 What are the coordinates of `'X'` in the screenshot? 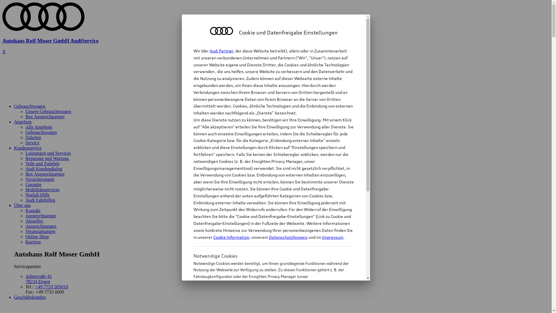 It's located at (4, 51).